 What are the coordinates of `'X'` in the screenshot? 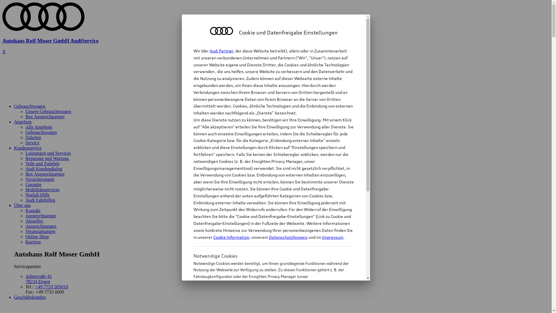 It's located at (4, 51).